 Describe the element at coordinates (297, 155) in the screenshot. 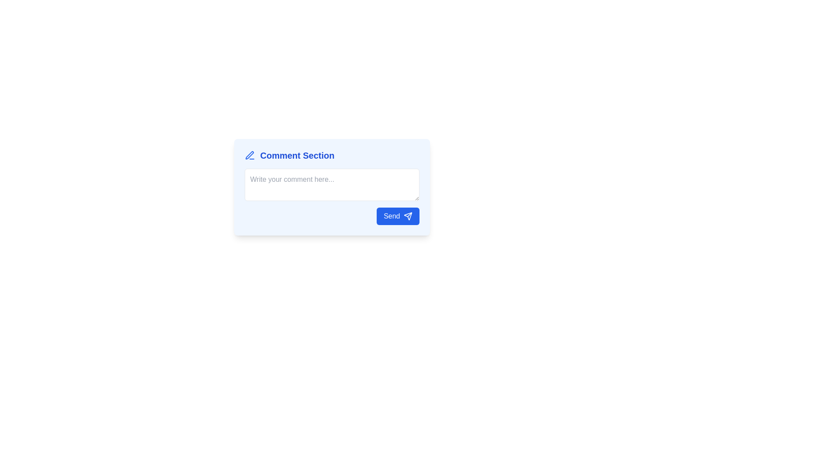

I see `the Static Text element displaying 'Comment Section' in a large, bold blue font, located next to a pen icon in the comment input area` at that location.